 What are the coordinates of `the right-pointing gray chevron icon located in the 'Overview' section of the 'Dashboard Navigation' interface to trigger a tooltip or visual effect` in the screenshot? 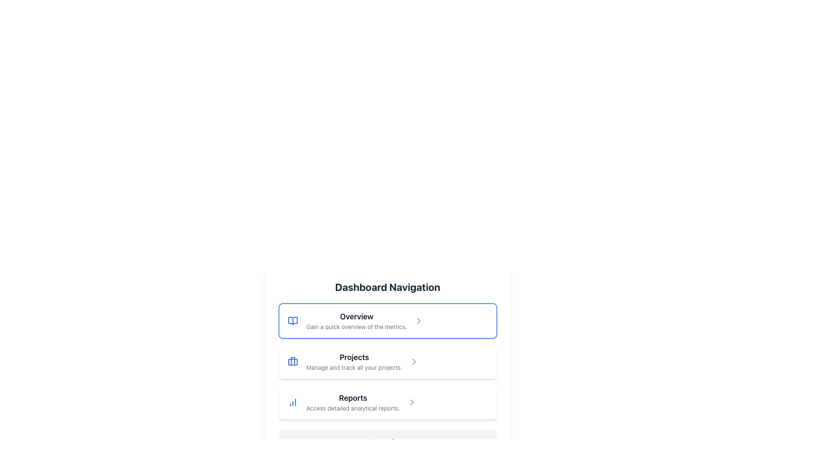 It's located at (419, 321).